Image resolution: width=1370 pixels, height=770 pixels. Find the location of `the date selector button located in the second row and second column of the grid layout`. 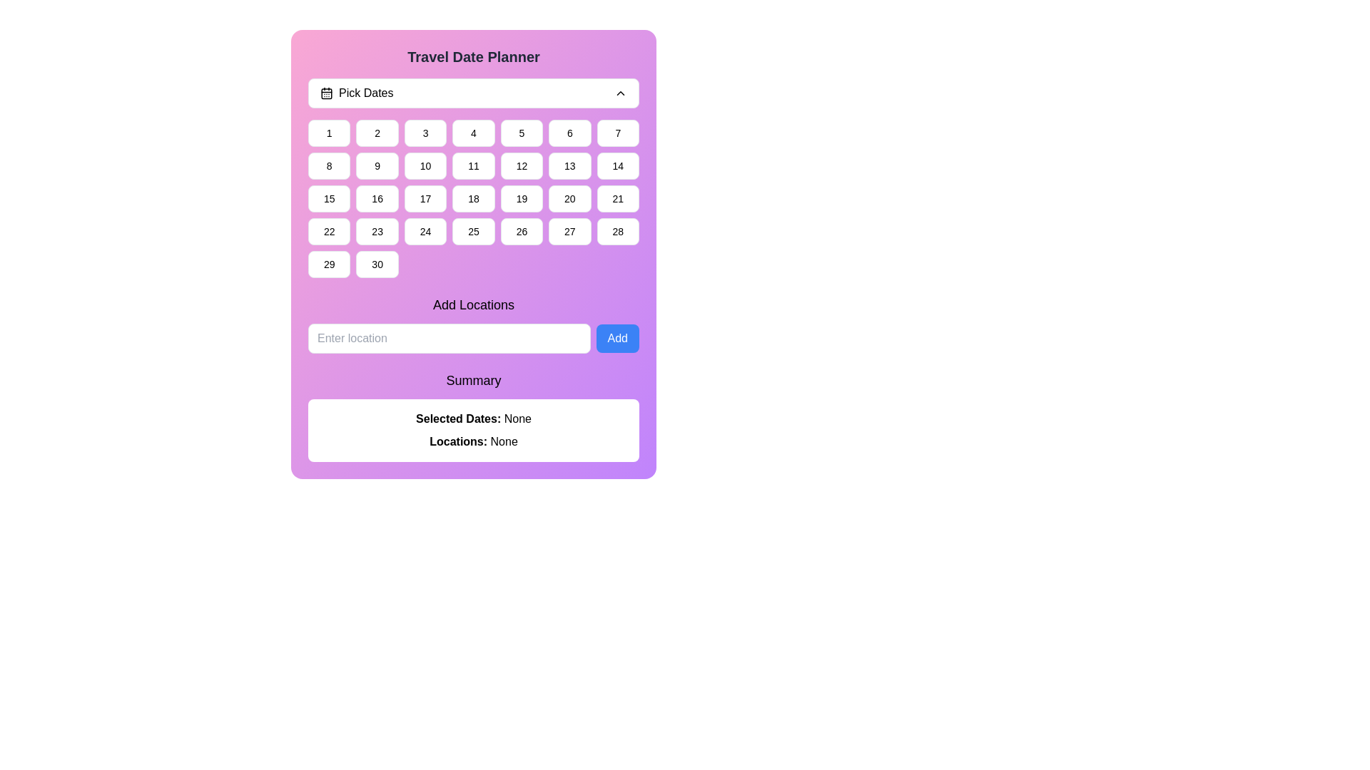

the date selector button located in the second row and second column of the grid layout is located at coordinates (377, 165).